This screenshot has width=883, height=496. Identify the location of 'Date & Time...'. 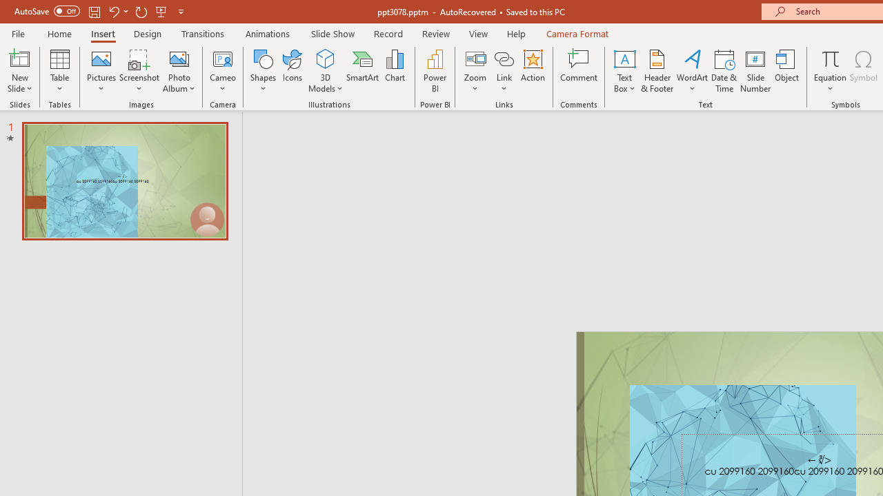
(724, 71).